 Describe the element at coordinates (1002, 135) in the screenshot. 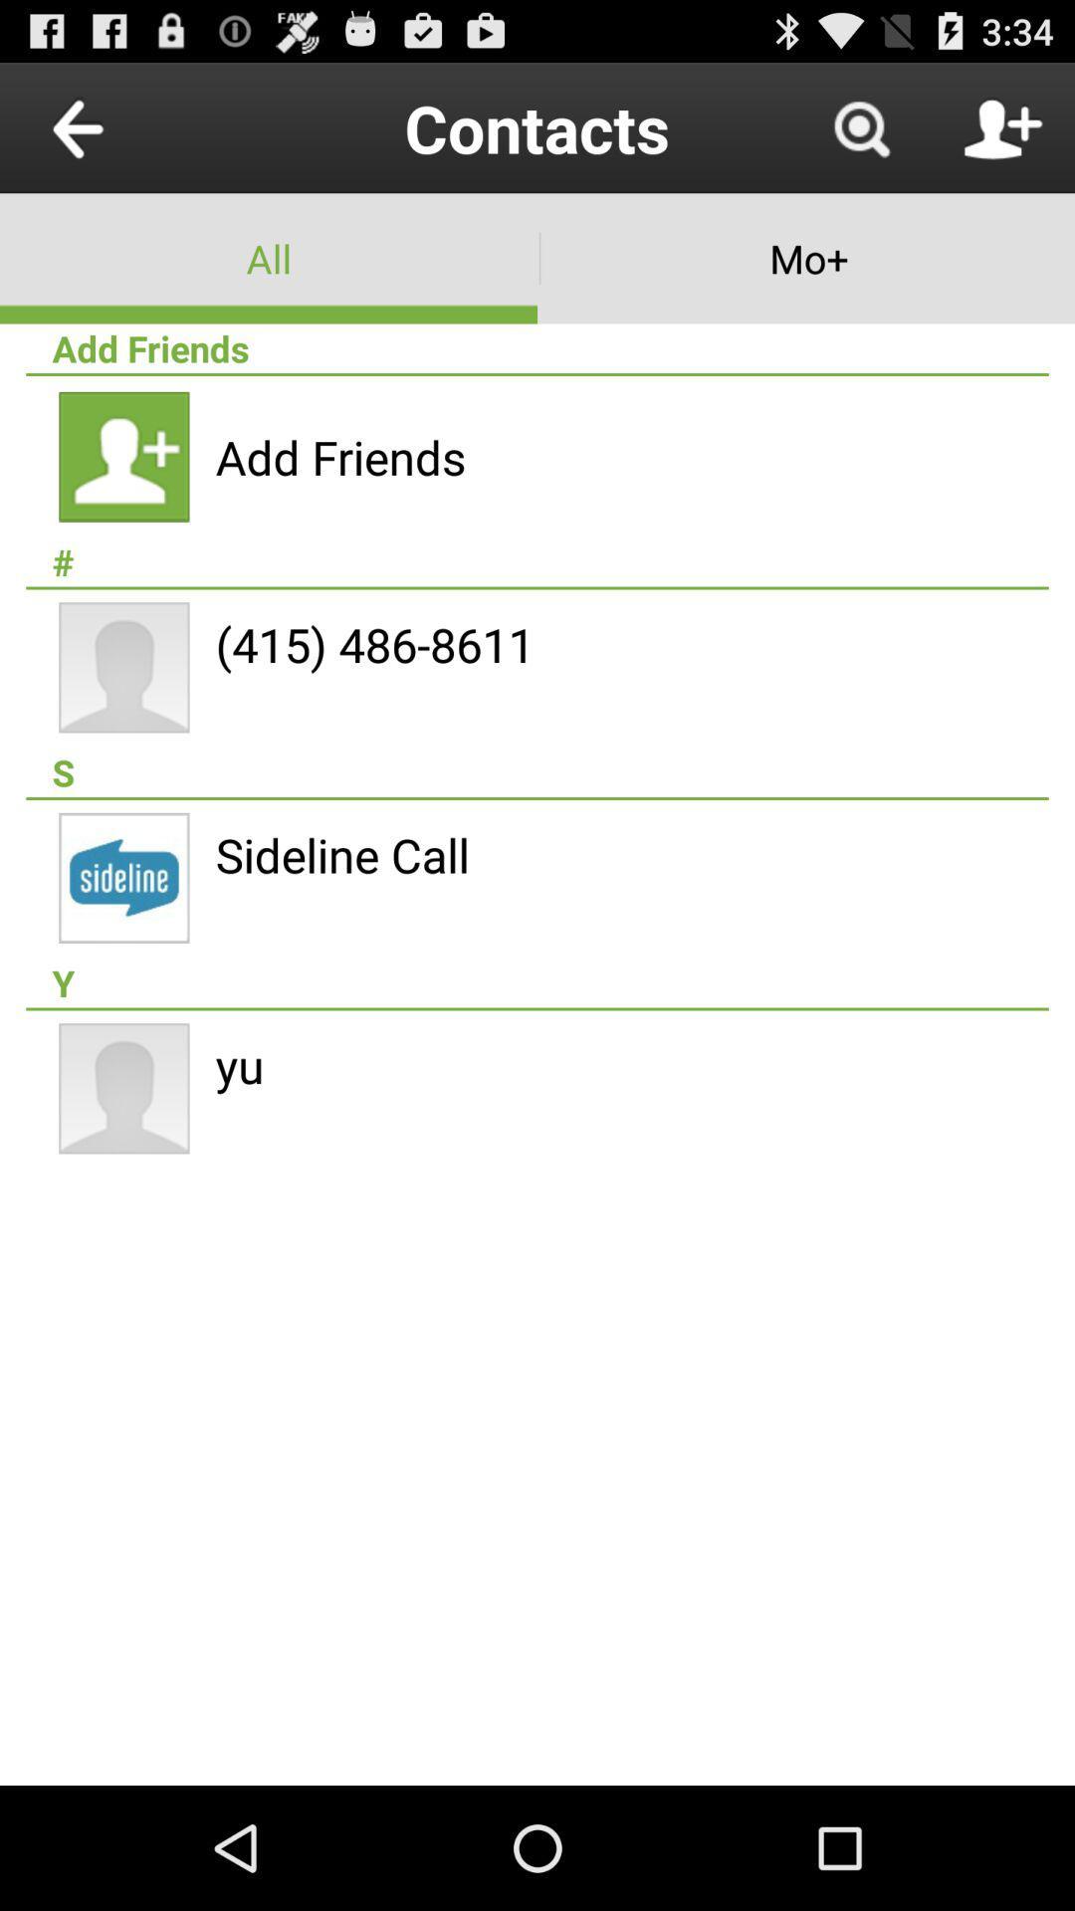

I see `the follow icon` at that location.